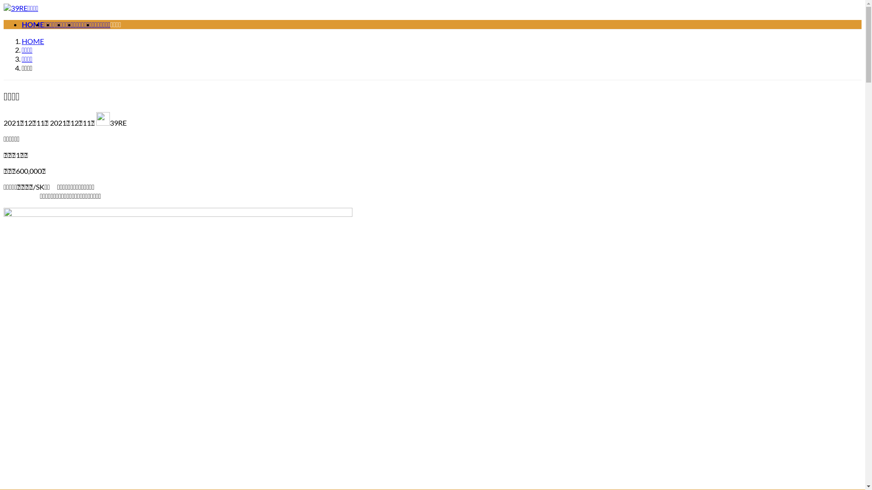 The height and width of the screenshot is (490, 872). Describe the element at coordinates (33, 24) in the screenshot. I see `'HOME'` at that location.